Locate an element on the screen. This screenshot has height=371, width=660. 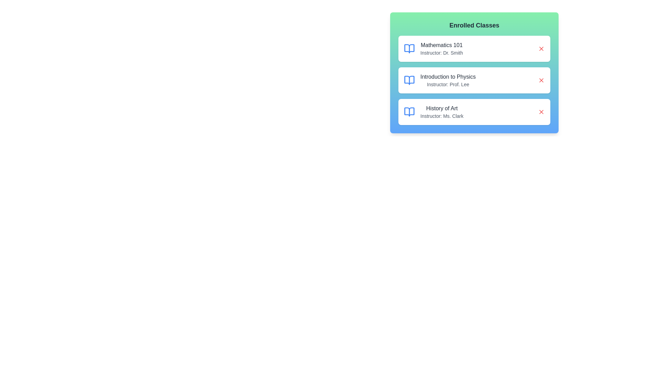
the instructor information for the class History of Art is located at coordinates (433, 112).